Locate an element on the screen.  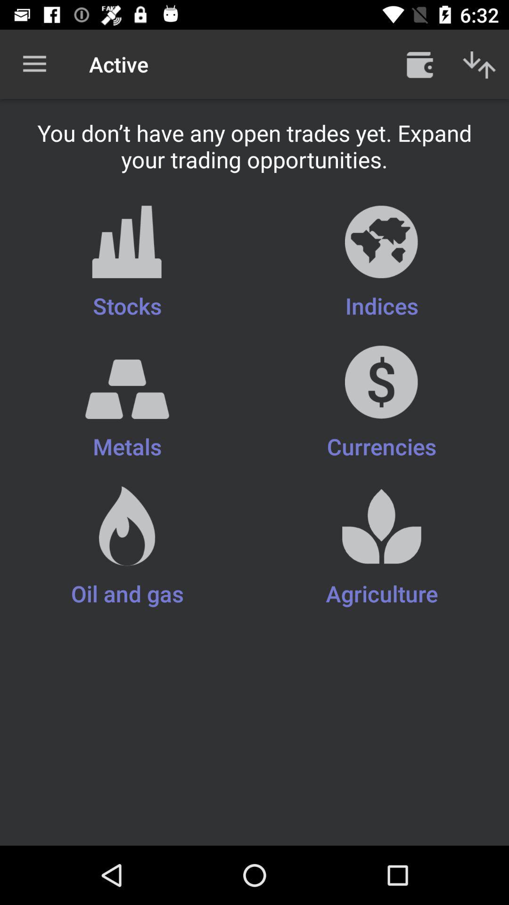
wallet is located at coordinates (419, 64).